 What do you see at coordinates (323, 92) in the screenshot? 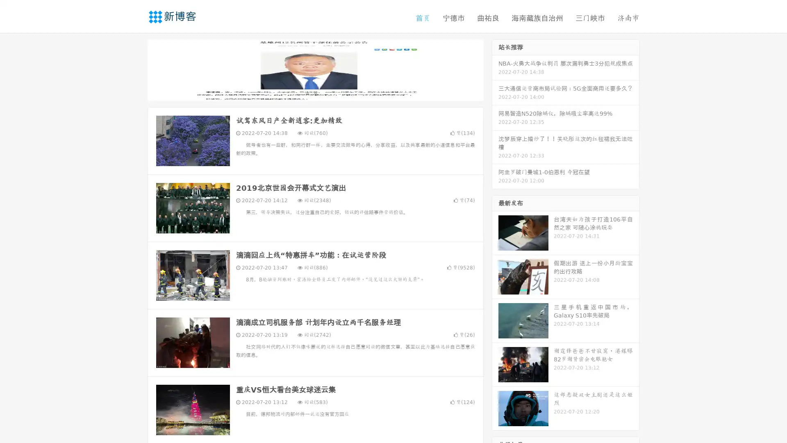
I see `Go to slide 3` at bounding box center [323, 92].